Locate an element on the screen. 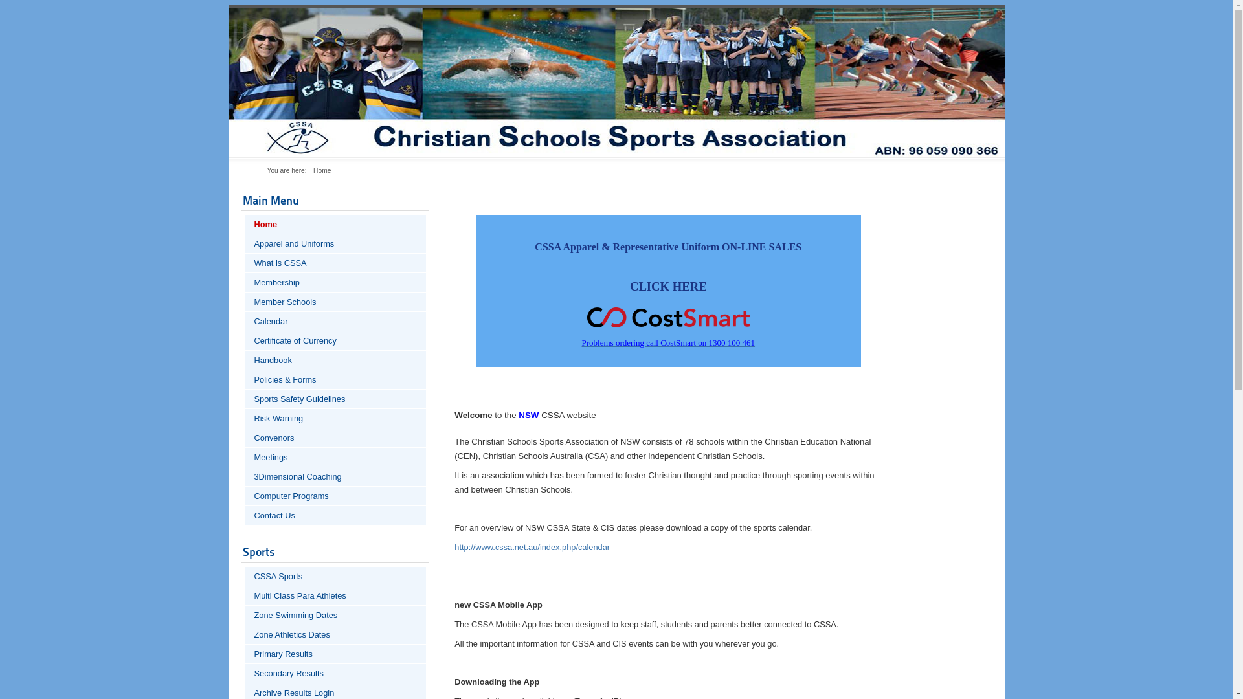  'CLICK HERE' is located at coordinates (668, 285).